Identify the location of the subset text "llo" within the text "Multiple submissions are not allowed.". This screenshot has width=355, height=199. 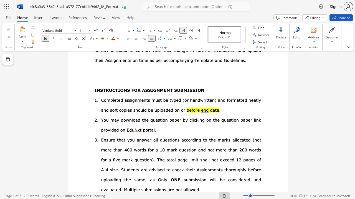
(186, 189).